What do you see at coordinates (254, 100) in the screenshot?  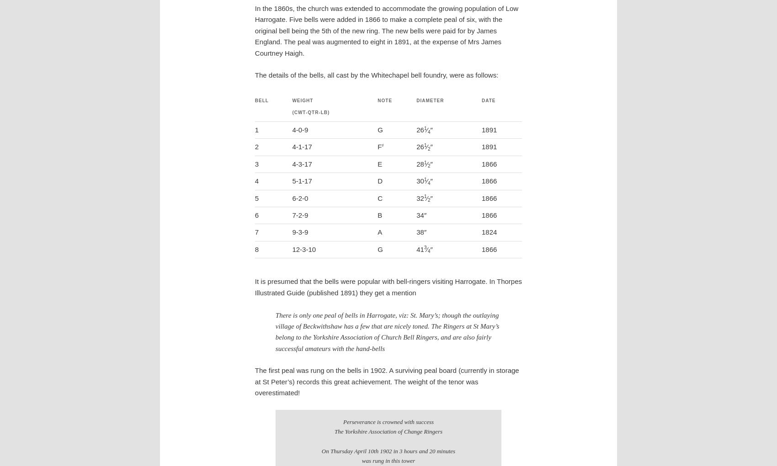 I see `'Bell'` at bounding box center [254, 100].